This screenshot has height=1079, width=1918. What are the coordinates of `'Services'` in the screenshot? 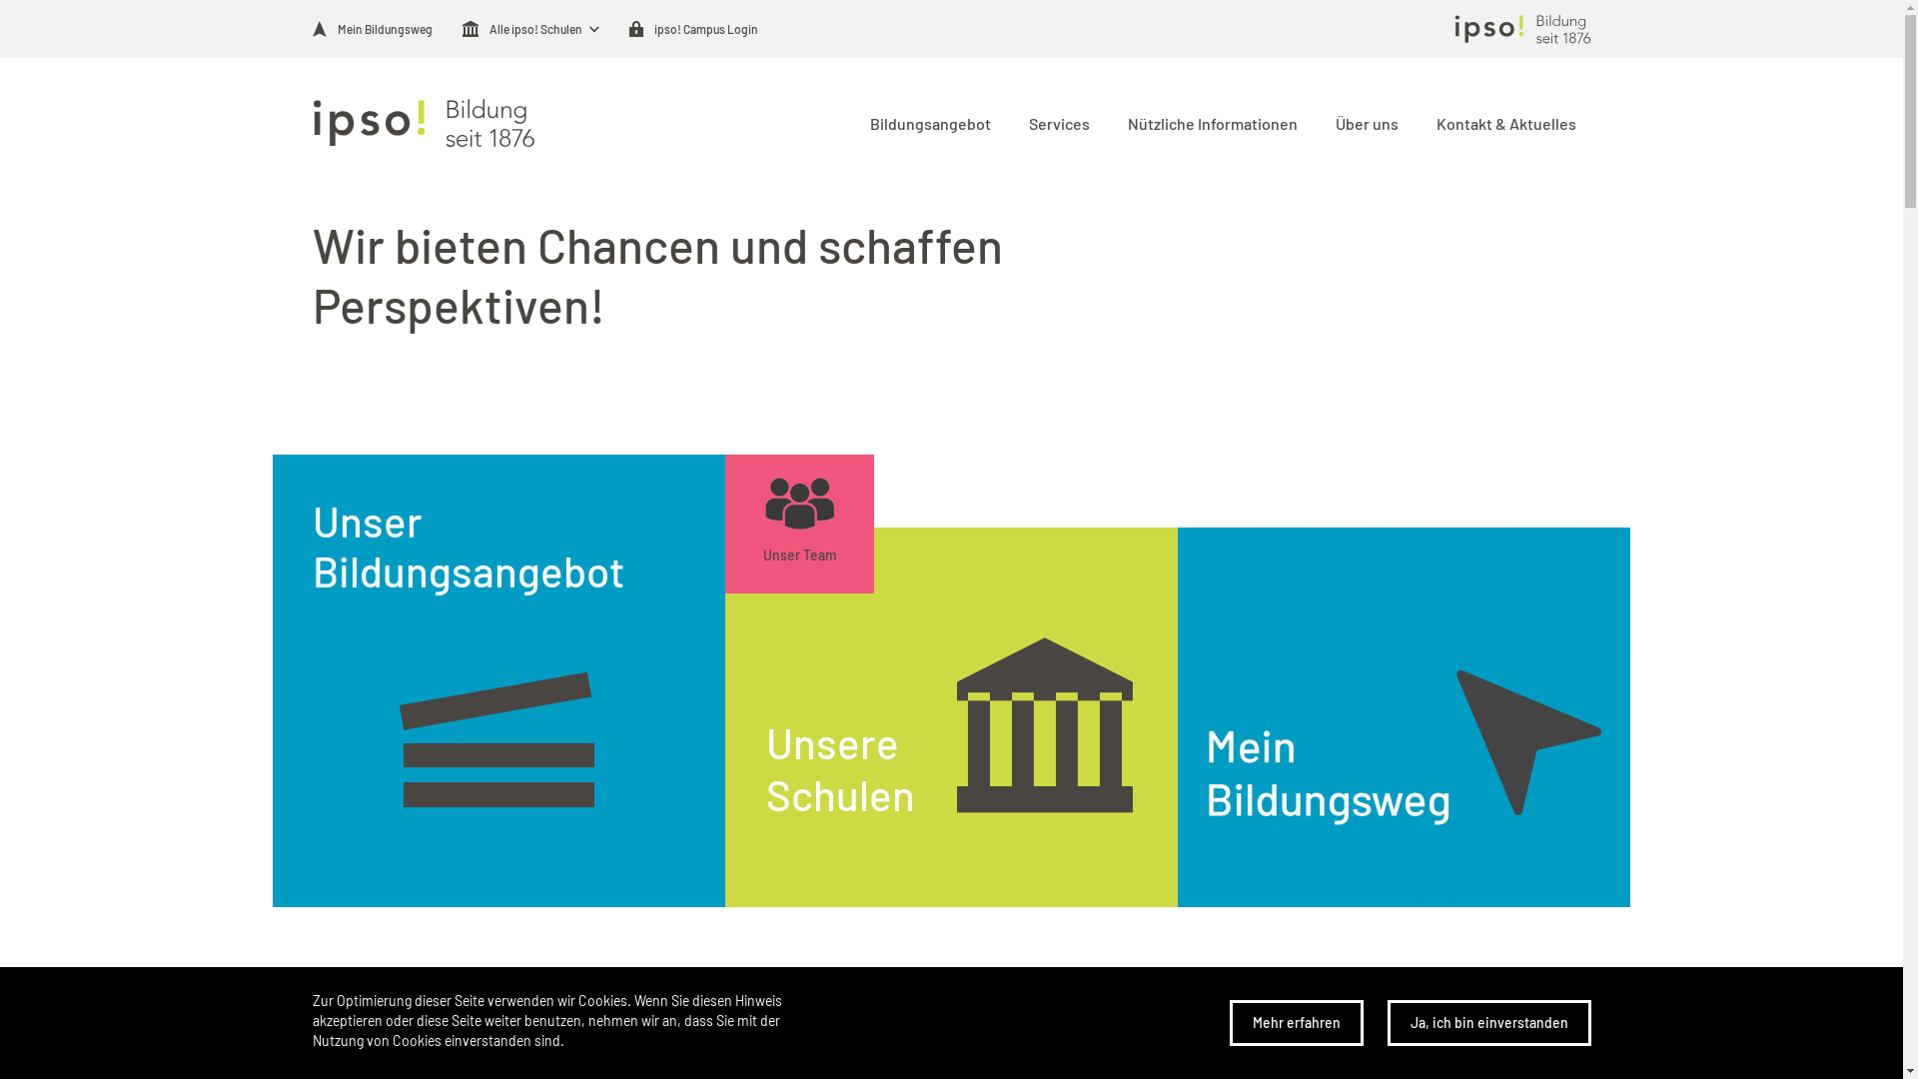 It's located at (1054, 122).